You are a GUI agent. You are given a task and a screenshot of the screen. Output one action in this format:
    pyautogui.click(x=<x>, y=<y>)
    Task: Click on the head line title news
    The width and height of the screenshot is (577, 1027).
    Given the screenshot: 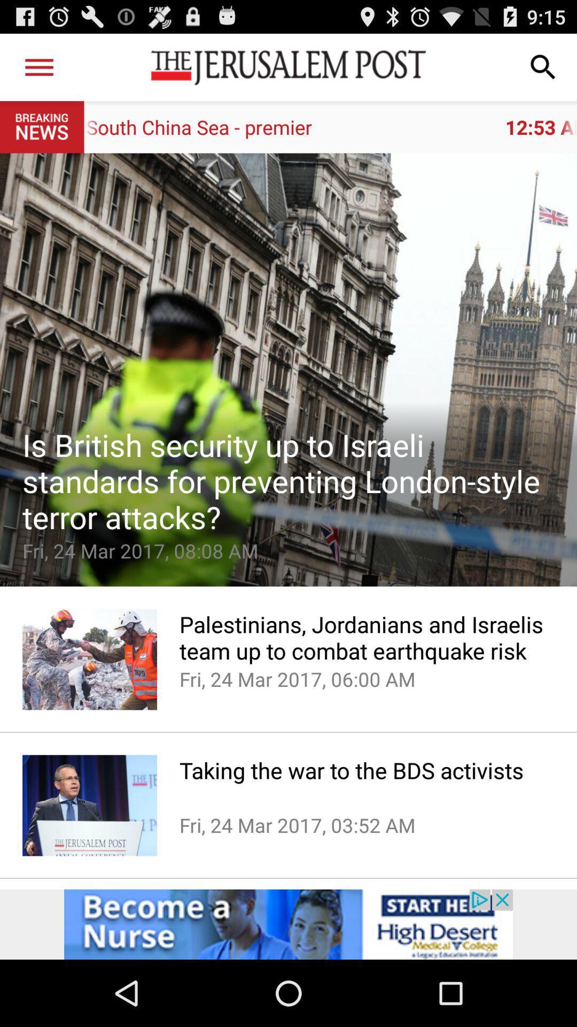 What is the action you would take?
    pyautogui.click(x=288, y=370)
    